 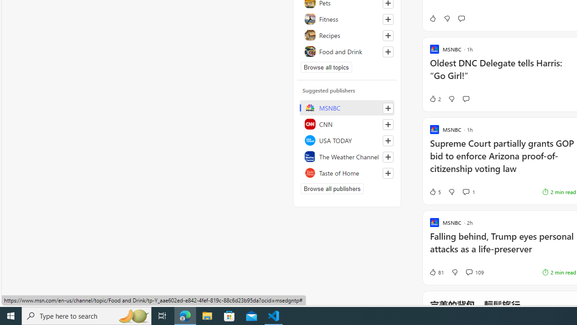 What do you see at coordinates (347, 124) in the screenshot?
I see `'CNN'` at bounding box center [347, 124].